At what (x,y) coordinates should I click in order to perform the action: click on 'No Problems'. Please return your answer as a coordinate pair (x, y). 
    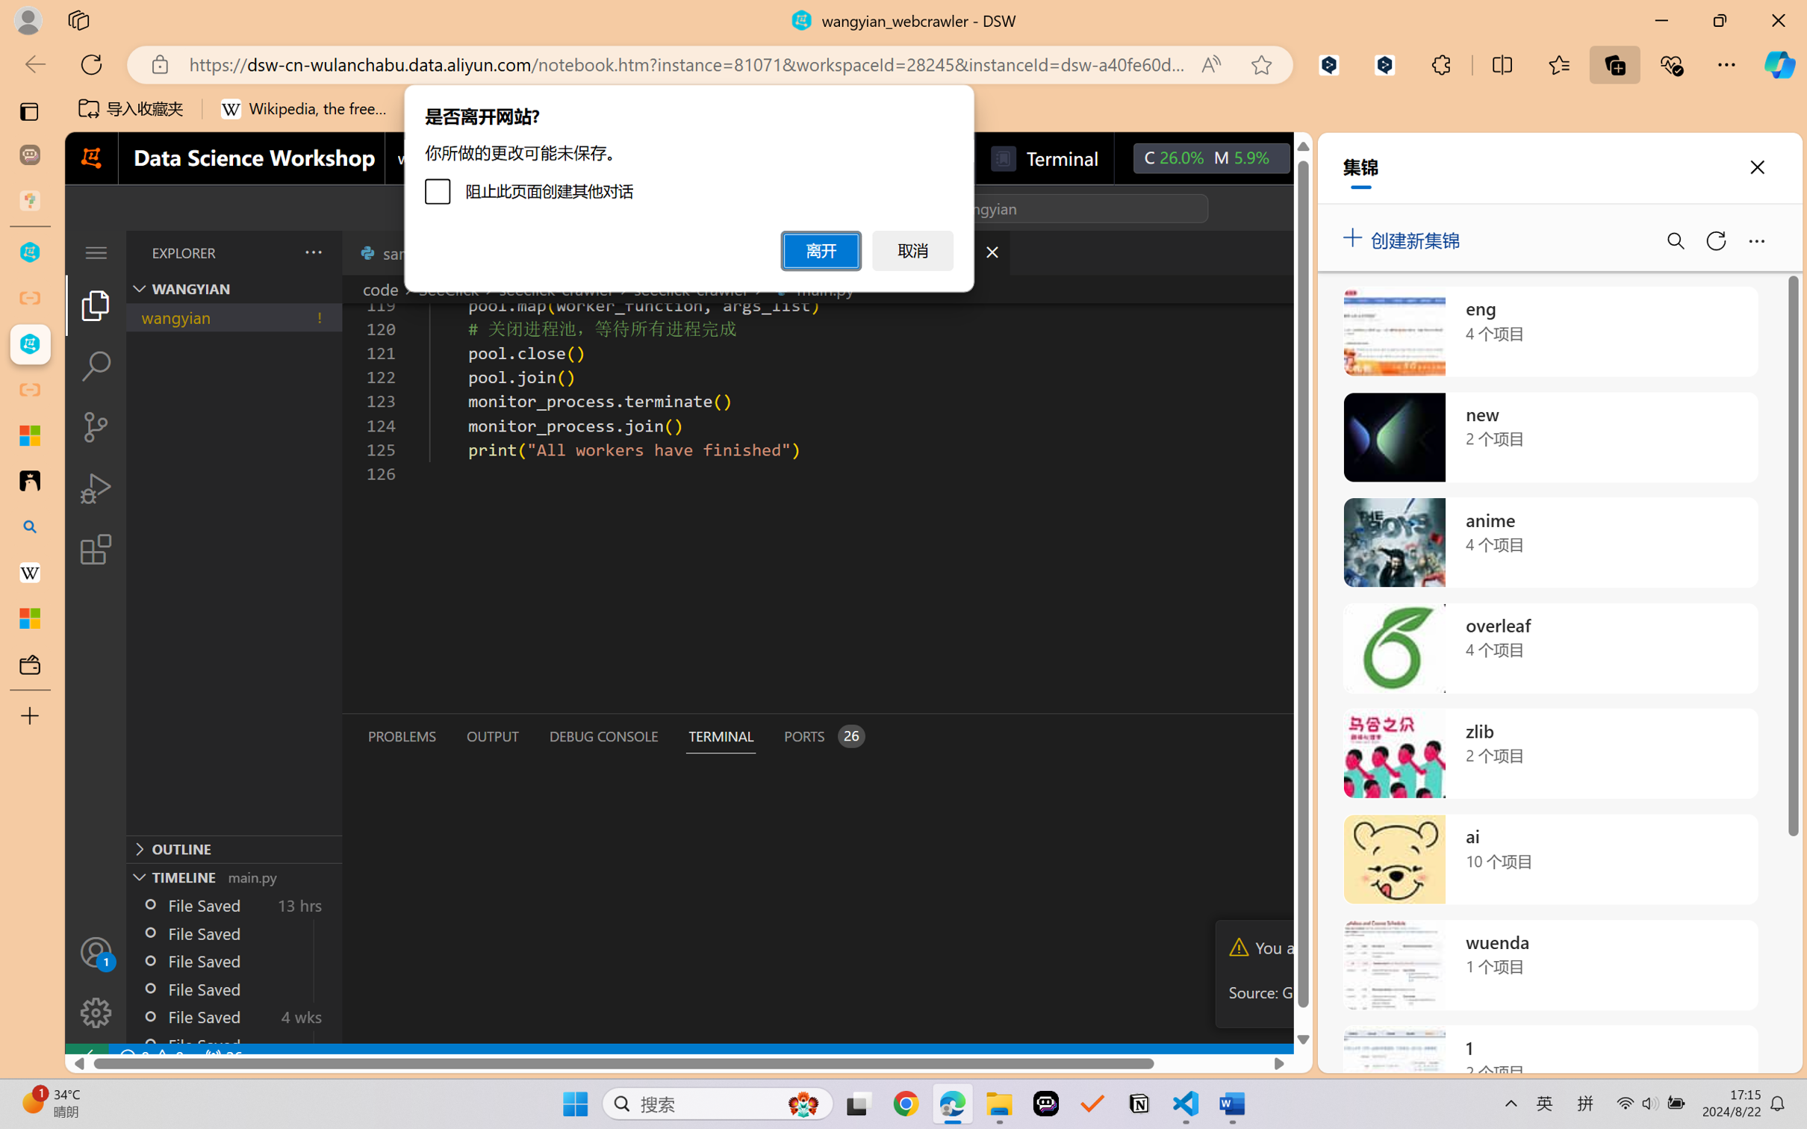
    Looking at the image, I should click on (149, 1057).